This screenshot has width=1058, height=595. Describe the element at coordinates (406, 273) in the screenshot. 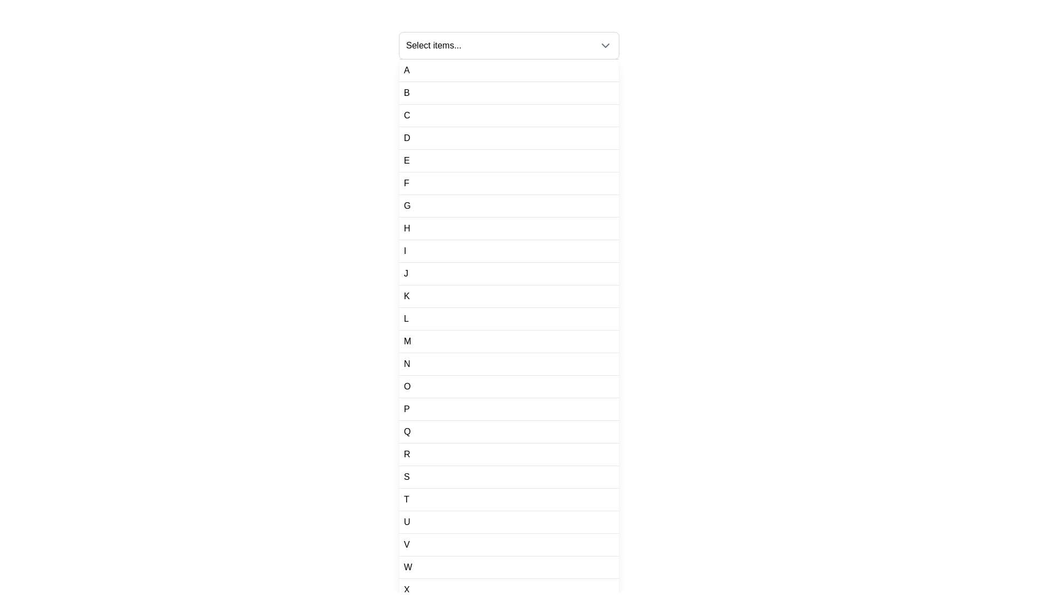

I see `to select the letter 'J' from the vertically aligned list of alphabetical letters` at that location.